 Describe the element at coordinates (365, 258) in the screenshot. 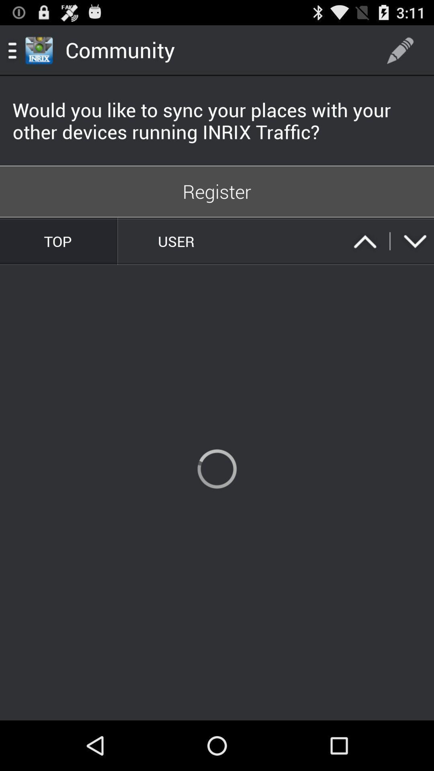

I see `the expand_less icon` at that location.